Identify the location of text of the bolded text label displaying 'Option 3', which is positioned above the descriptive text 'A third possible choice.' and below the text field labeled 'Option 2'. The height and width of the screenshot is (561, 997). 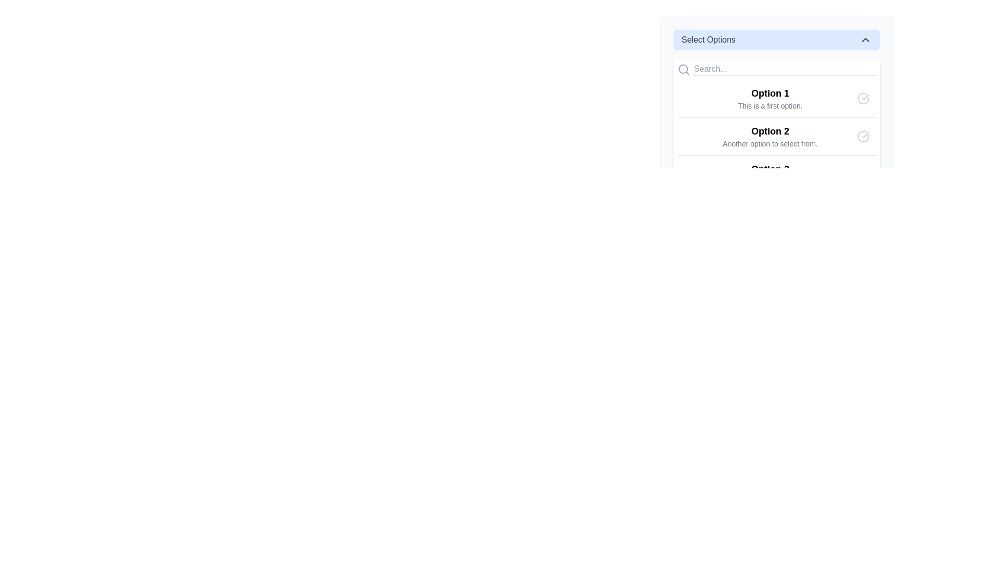
(770, 169).